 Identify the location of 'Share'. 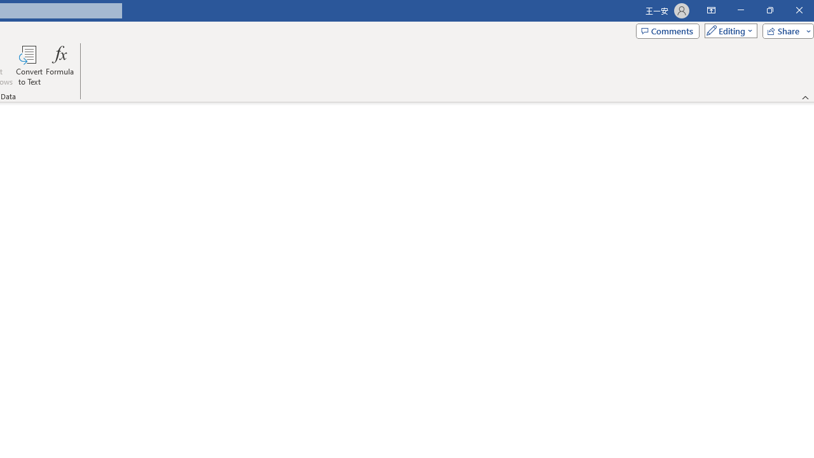
(785, 30).